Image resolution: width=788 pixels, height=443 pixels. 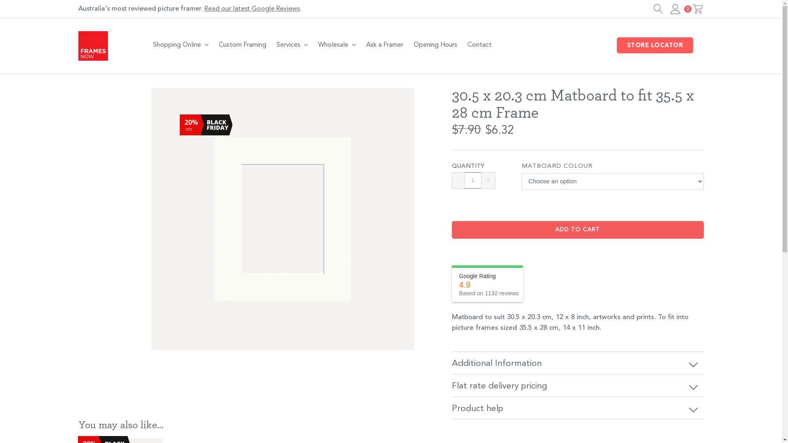 What do you see at coordinates (473, 180) in the screenshot?
I see `'Qty'` at bounding box center [473, 180].